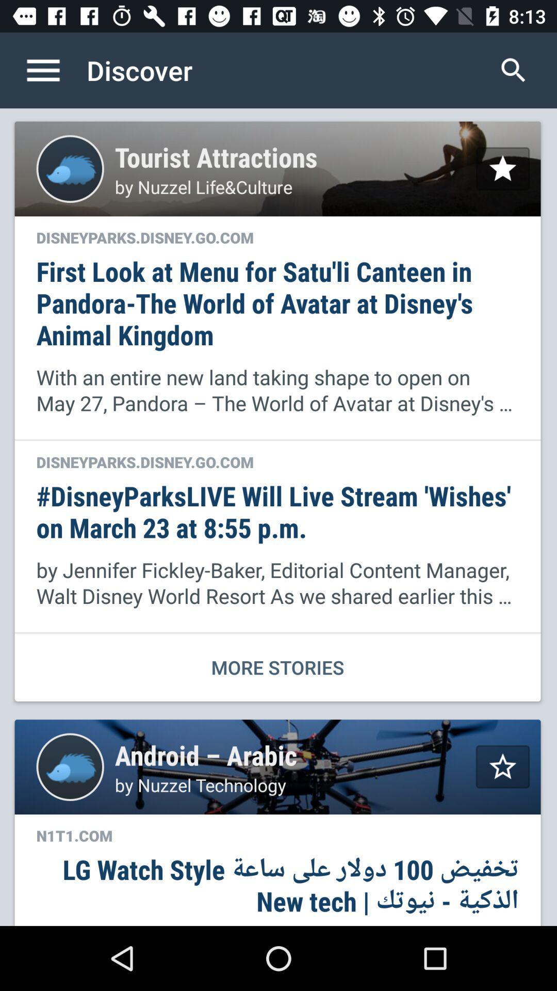 The width and height of the screenshot is (557, 991). I want to click on more stories item, so click(277, 667).